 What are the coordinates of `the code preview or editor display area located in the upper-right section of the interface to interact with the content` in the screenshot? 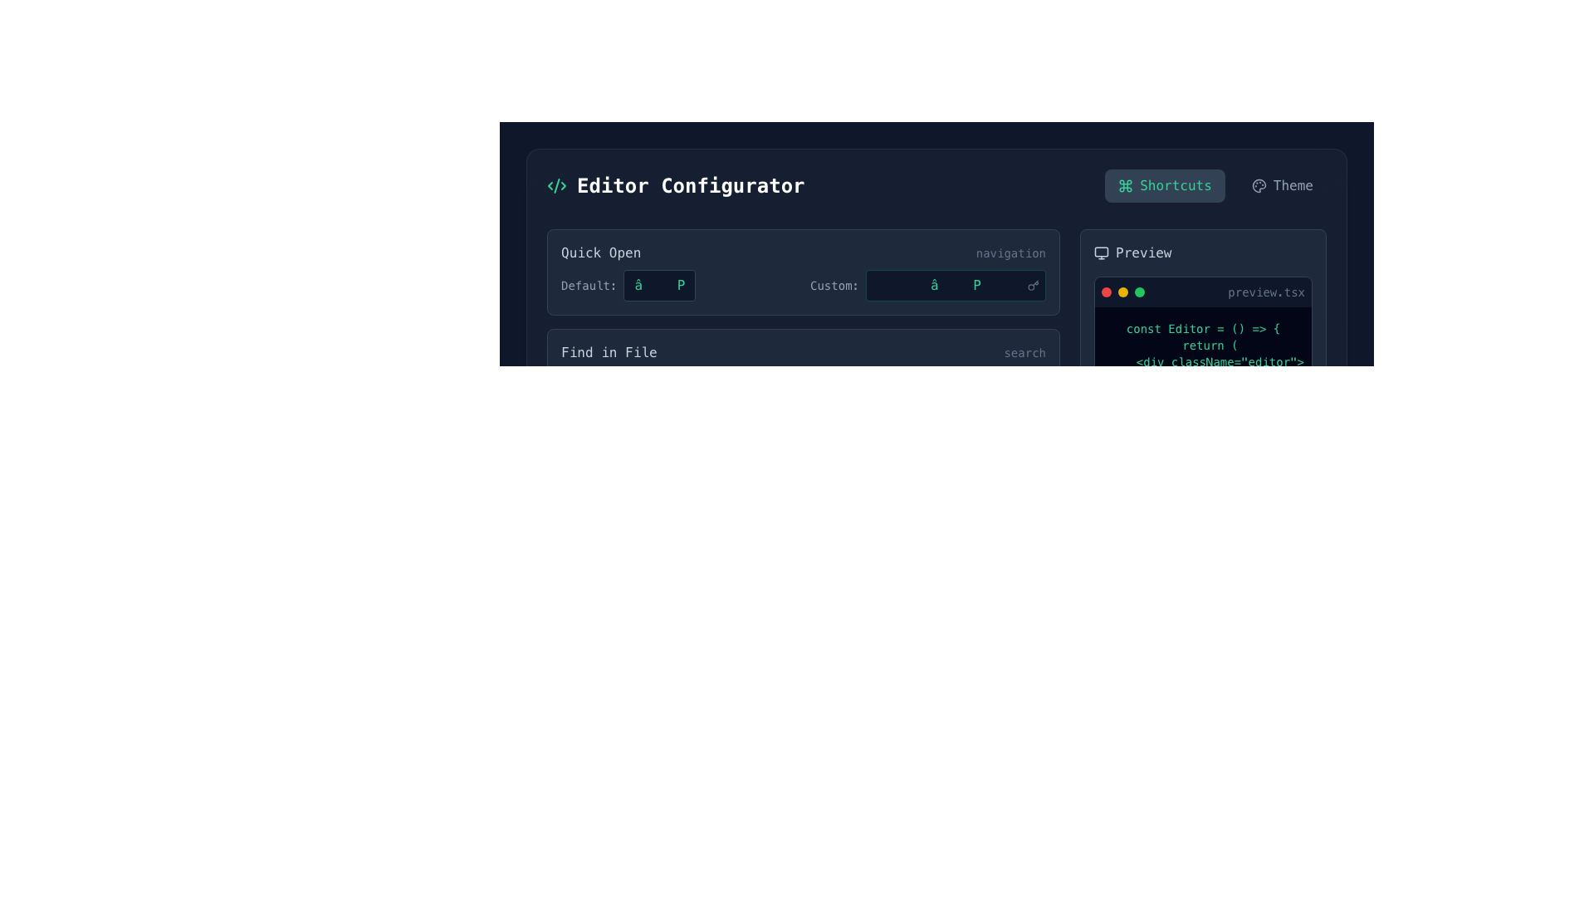 It's located at (1203, 355).